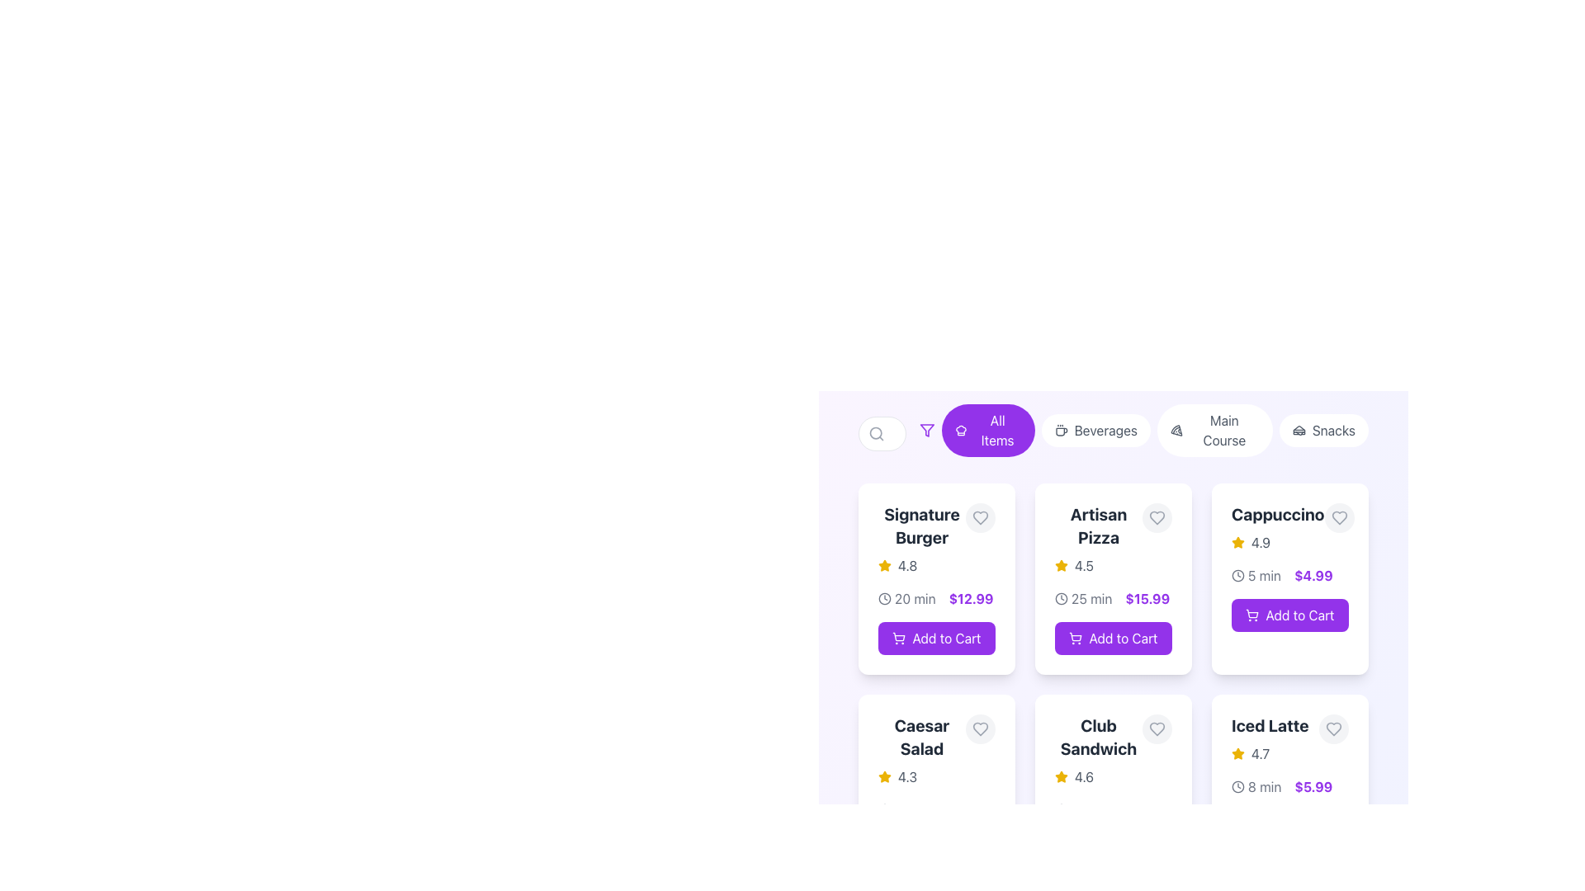 The image size is (1585, 891). Describe the element at coordinates (883, 598) in the screenshot. I see `the SVG Circle element styled as a clock, located in the top-right area of the interface, which is part of a larger SVG icon representing a clock` at that location.